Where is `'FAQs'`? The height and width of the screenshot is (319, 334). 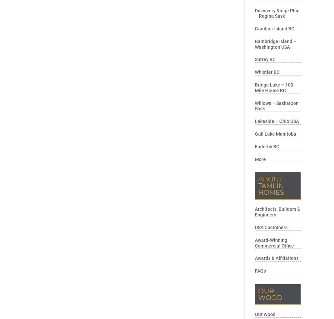 'FAQs' is located at coordinates (260, 271).